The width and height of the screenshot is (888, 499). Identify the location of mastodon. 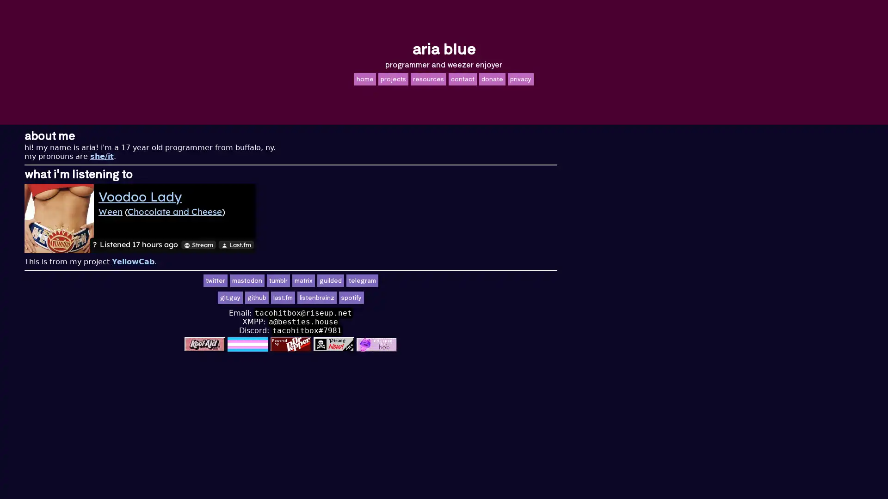
(400, 280).